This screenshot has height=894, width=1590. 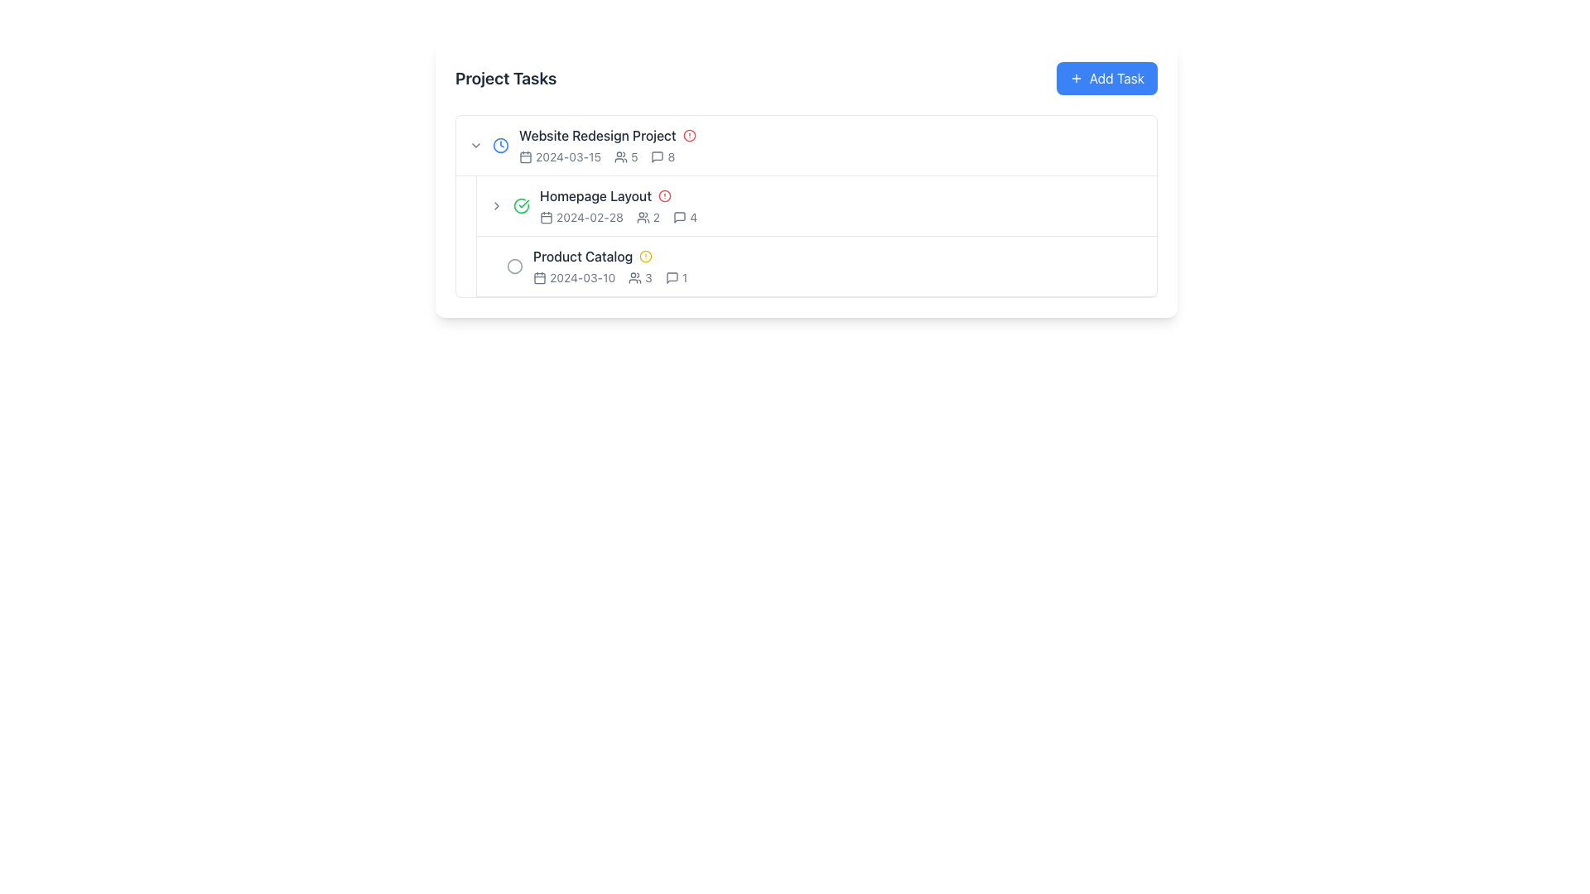 I want to click on displayed numeric text '2' that is positioned adjacent to a user icon in the 'Homepage Layout' task row, so click(x=655, y=216).